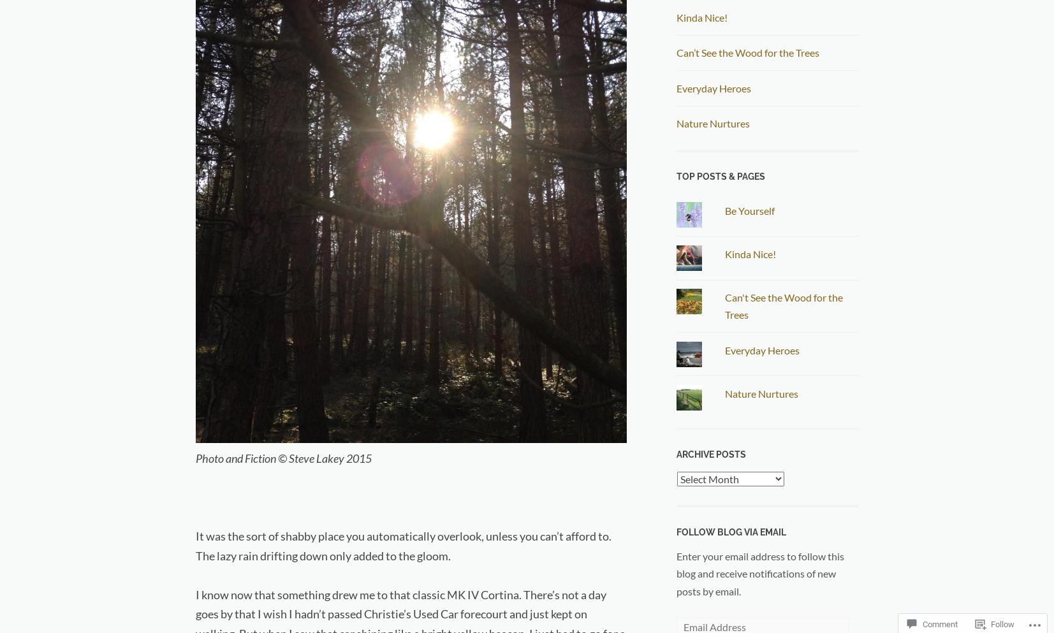  Describe the element at coordinates (759, 573) in the screenshot. I see `'Enter your email address to follow this blog and receive notifications of new posts by email.'` at that location.